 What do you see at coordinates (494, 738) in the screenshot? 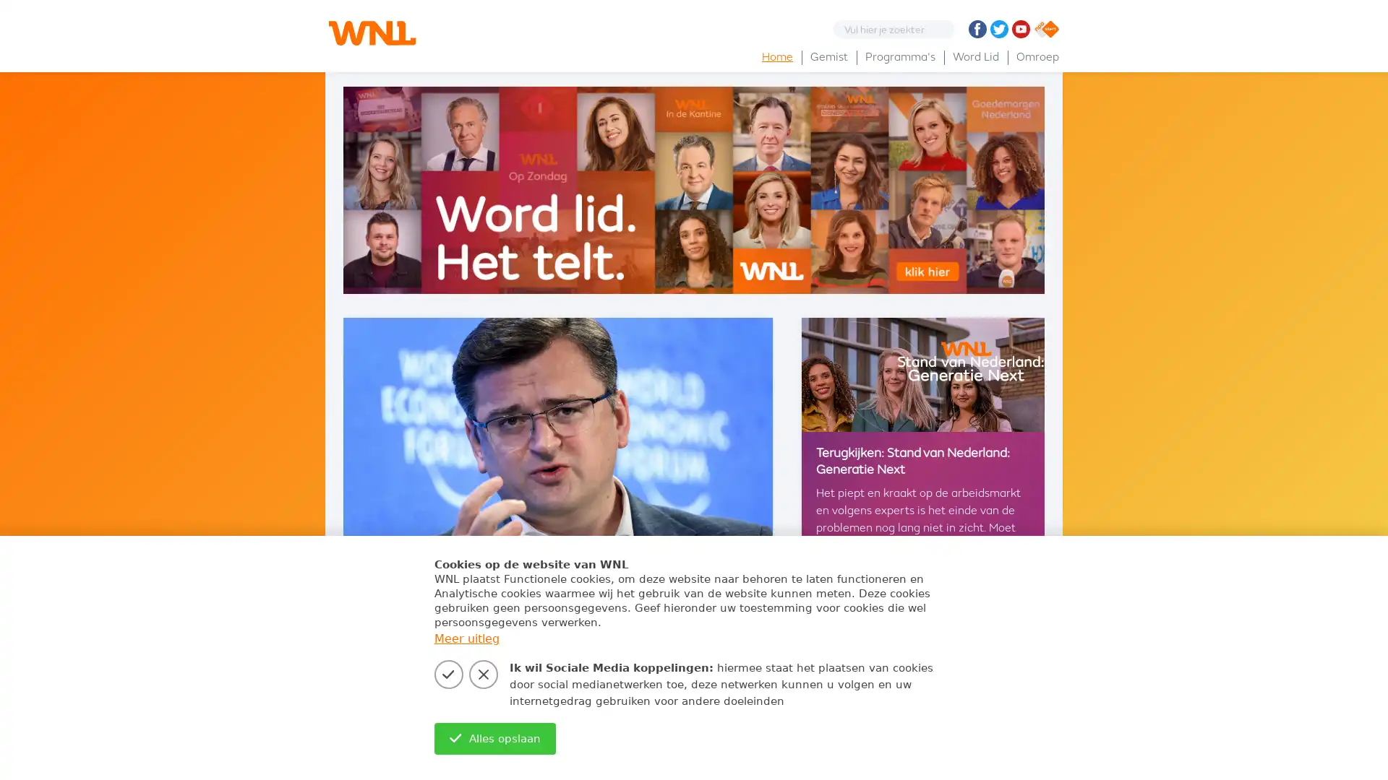
I see `Alles opslaan` at bounding box center [494, 738].